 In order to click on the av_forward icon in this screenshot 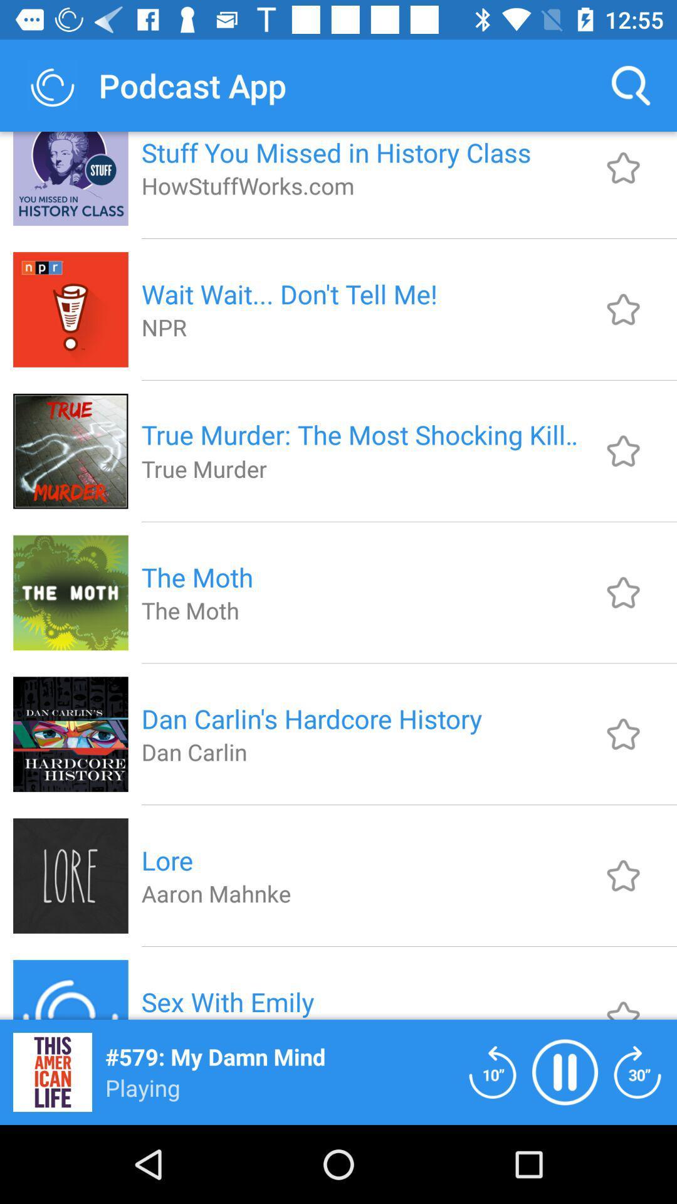, I will do `click(638, 1071)`.